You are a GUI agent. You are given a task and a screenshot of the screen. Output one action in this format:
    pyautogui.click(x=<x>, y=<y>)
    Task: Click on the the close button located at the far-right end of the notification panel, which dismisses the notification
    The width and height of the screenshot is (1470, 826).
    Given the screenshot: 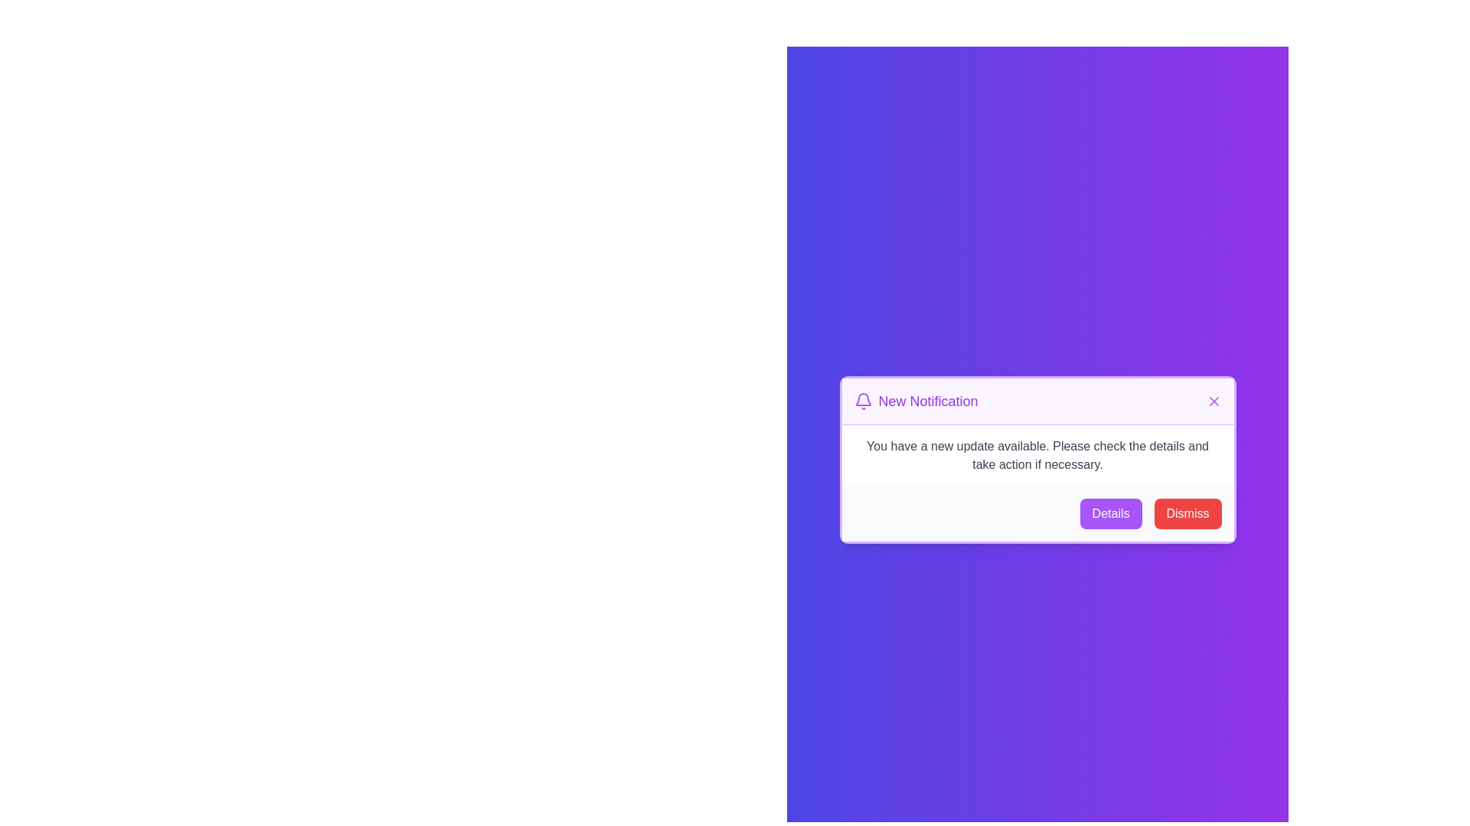 What is the action you would take?
    pyautogui.click(x=1213, y=400)
    